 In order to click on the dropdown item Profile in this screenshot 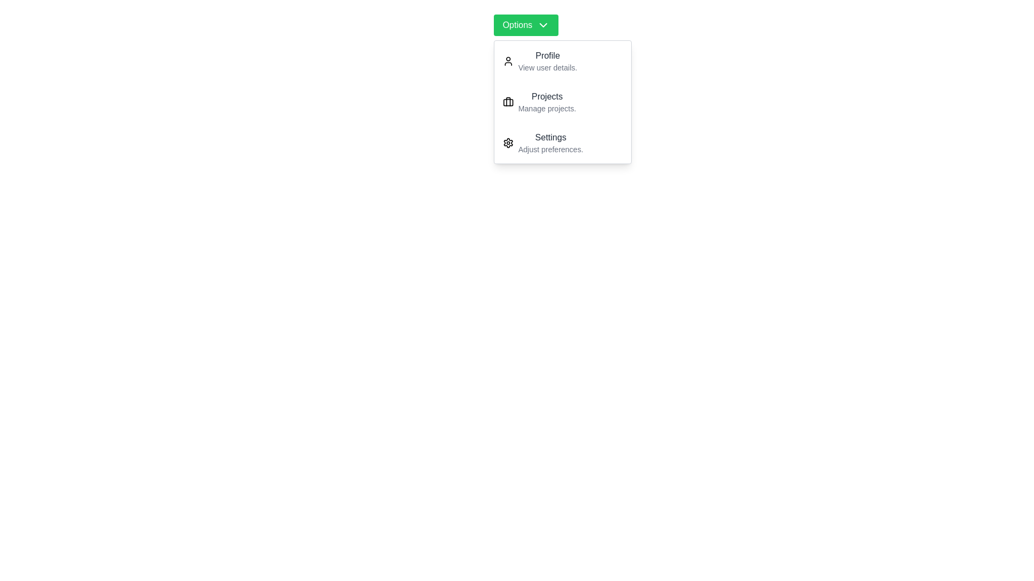, I will do `click(562, 61)`.